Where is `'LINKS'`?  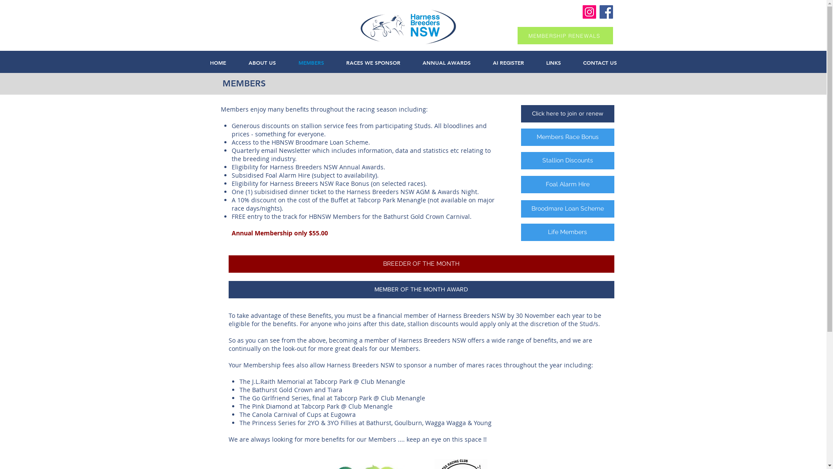
'LINKS' is located at coordinates (553, 62).